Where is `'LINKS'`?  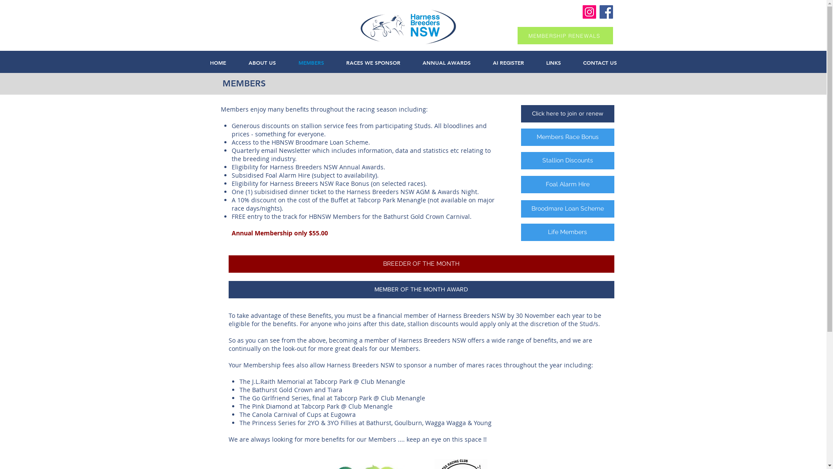
'LINKS' is located at coordinates (553, 62).